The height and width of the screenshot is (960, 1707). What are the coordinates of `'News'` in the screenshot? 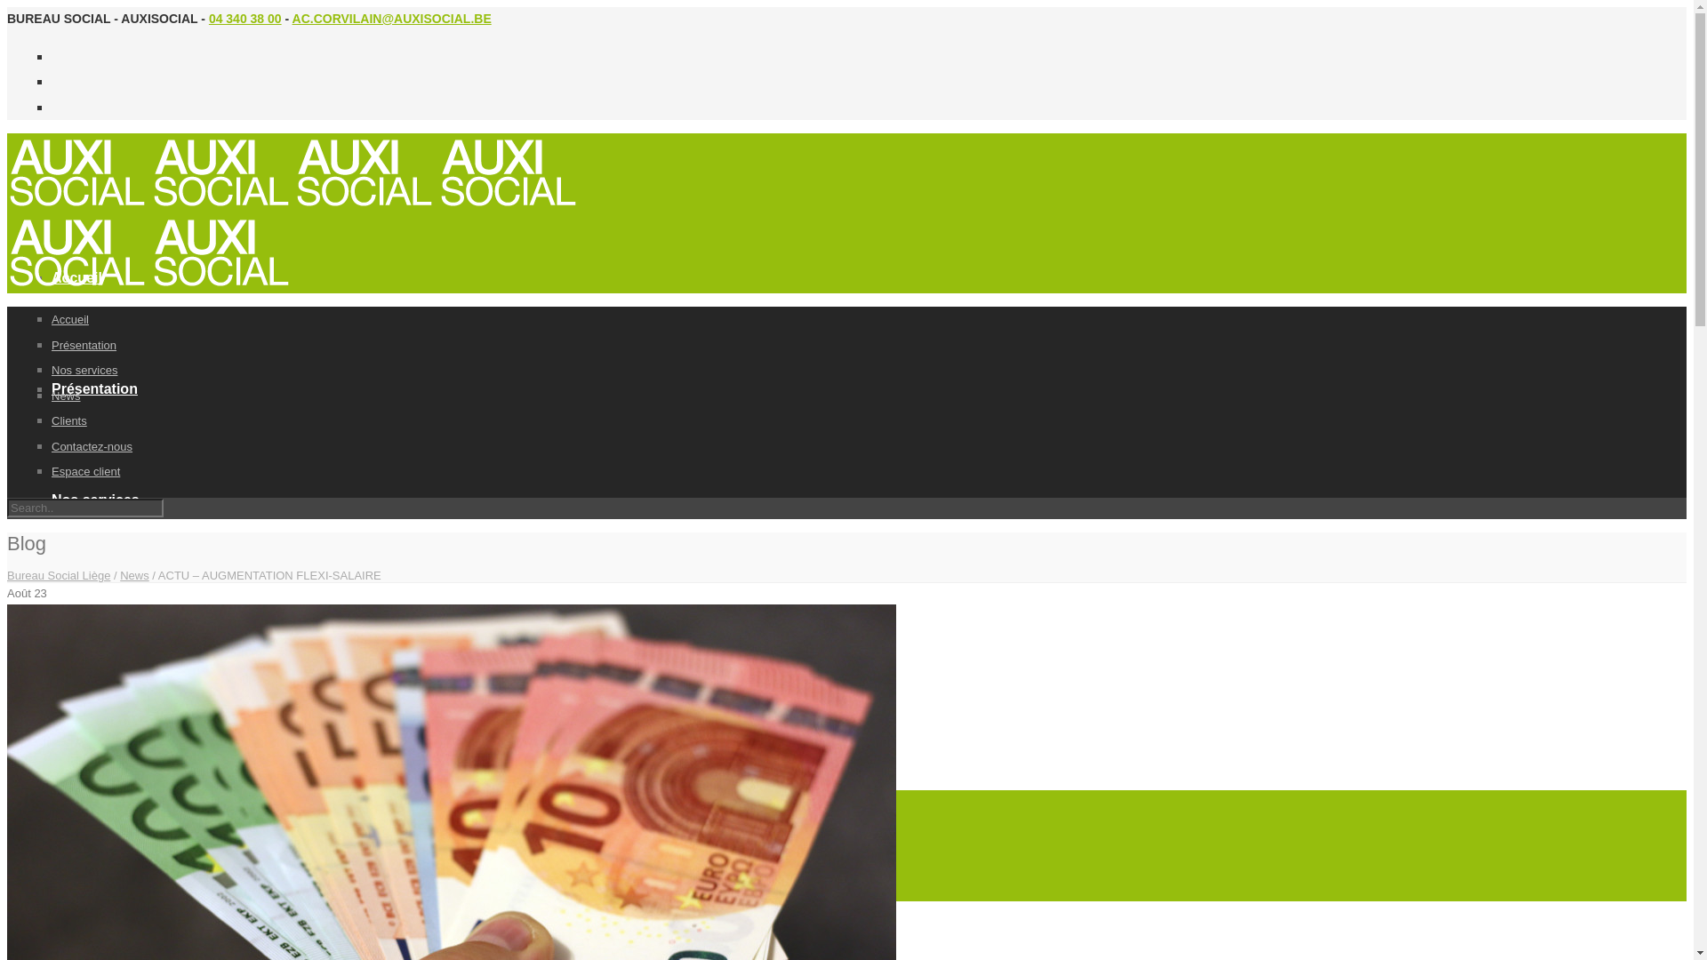 It's located at (133, 575).